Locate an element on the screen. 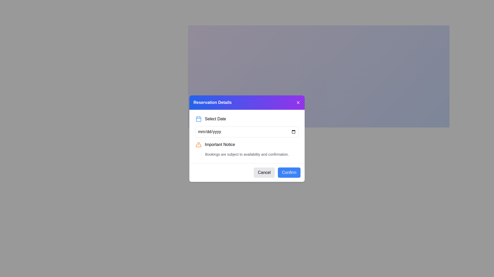 This screenshot has height=277, width=494. the header bar displaying 'Reservation Details' with a blue to purple gradient by moving the cursor to its center is located at coordinates (247, 102).